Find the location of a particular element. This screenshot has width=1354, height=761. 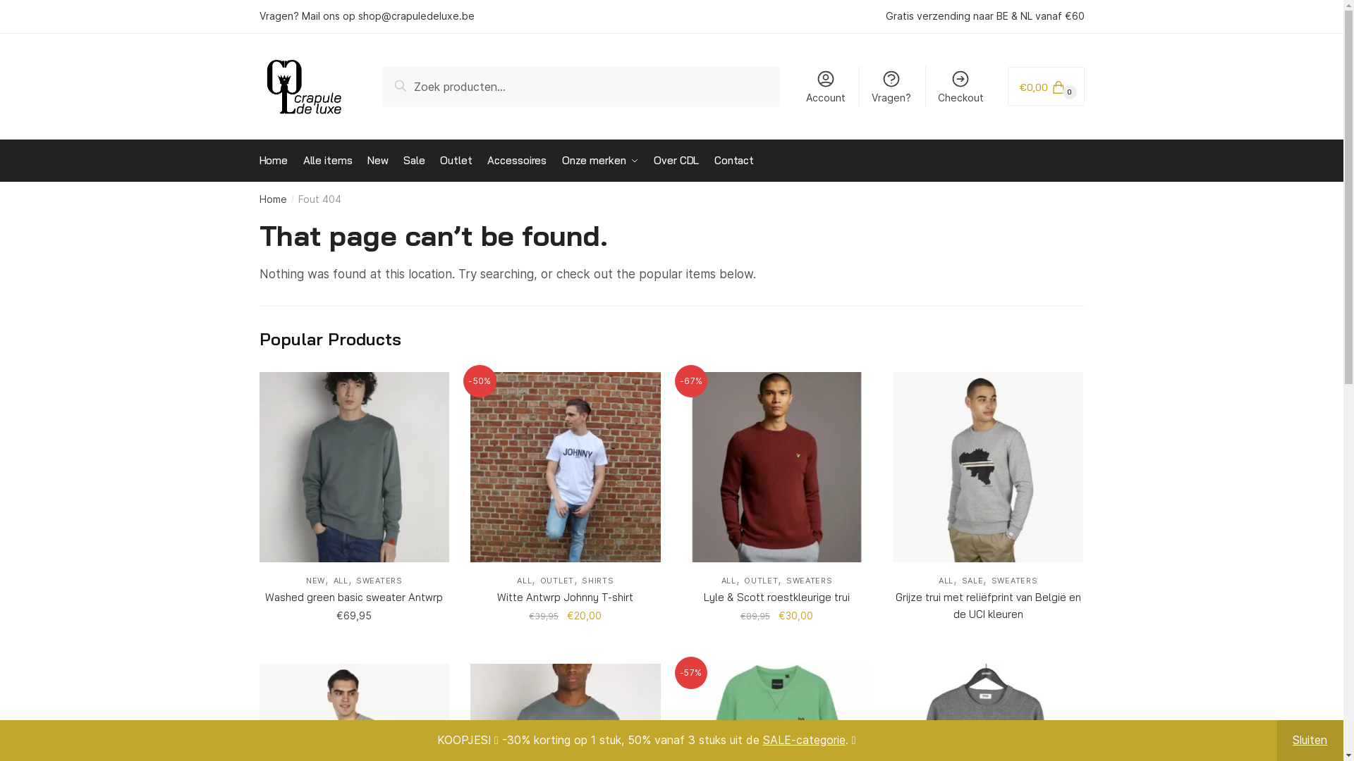

'Home' is located at coordinates (277, 159).